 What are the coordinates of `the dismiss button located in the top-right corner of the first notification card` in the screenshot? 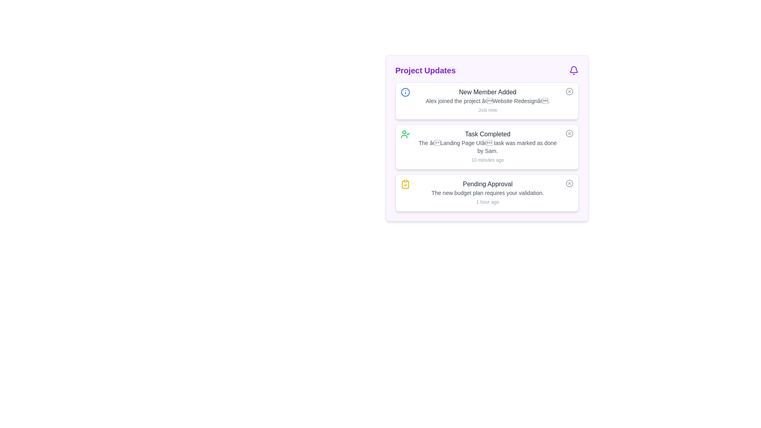 It's located at (569, 91).